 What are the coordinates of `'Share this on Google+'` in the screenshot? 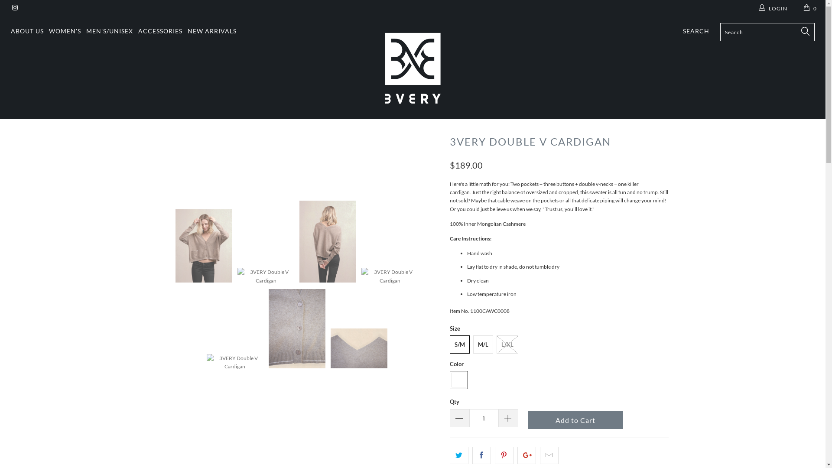 It's located at (526, 455).